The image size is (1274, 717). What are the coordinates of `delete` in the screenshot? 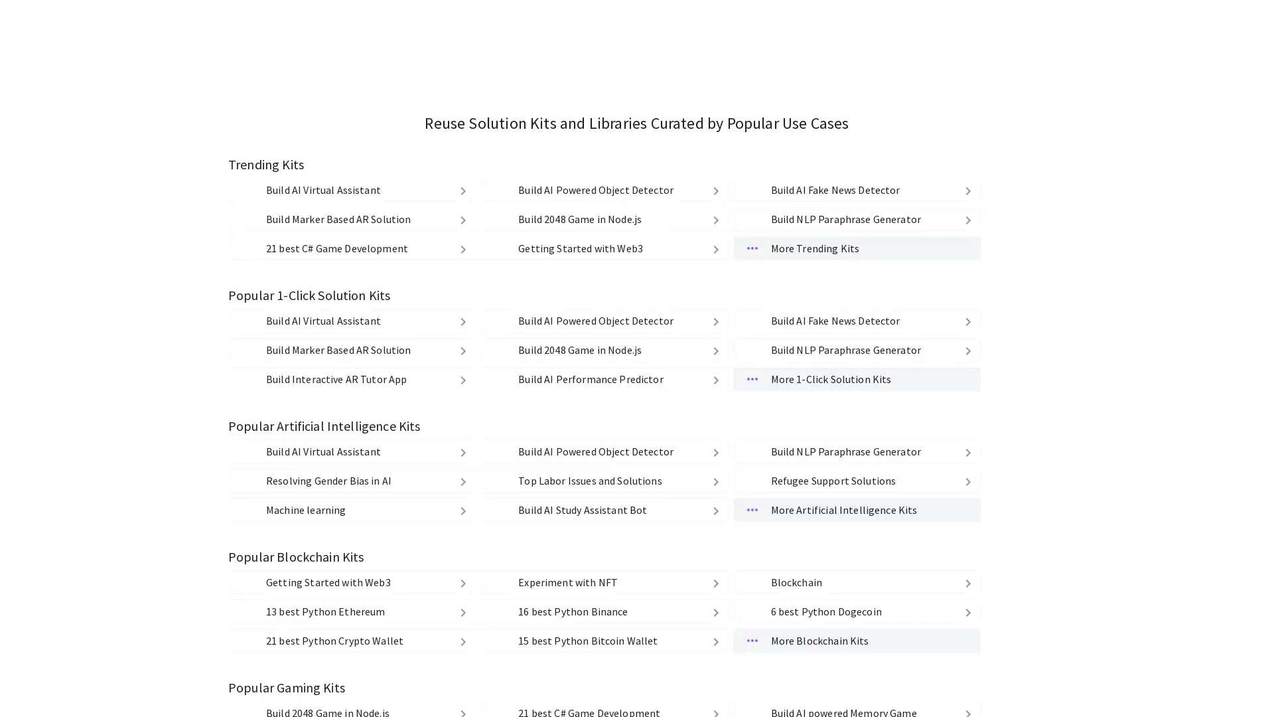 It's located at (948, 655).